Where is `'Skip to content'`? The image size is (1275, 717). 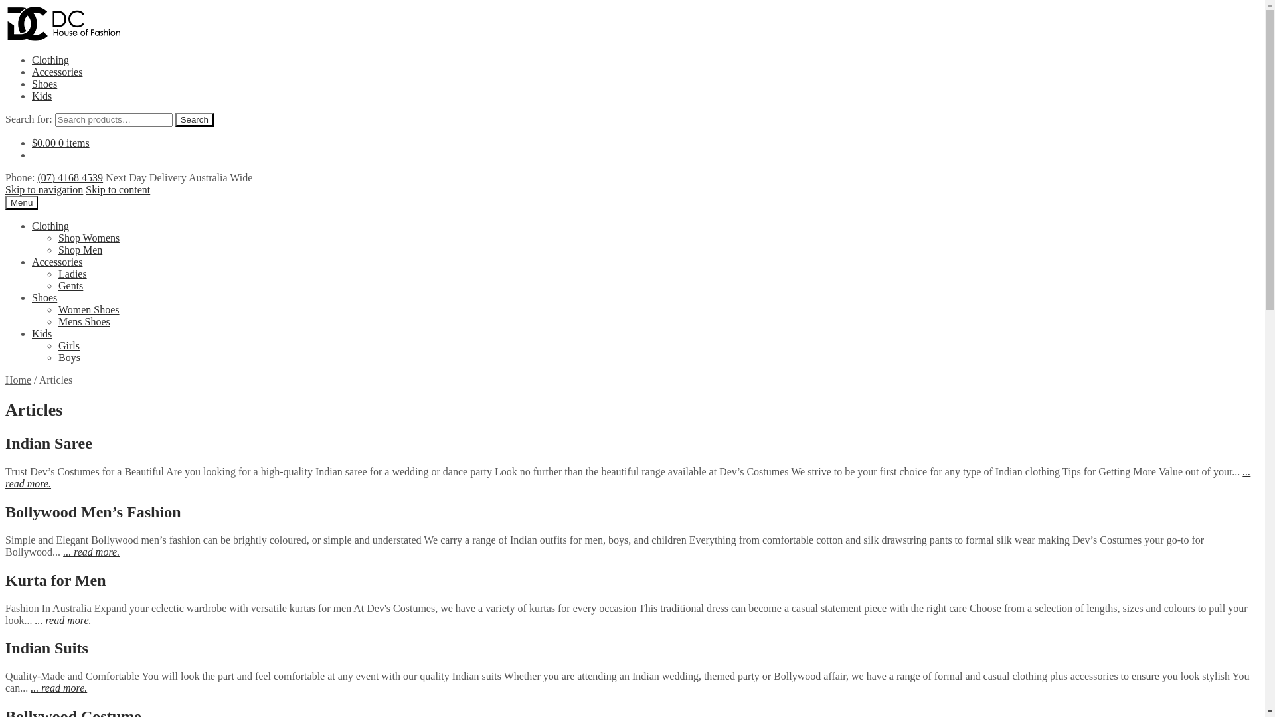 'Skip to content' is located at coordinates (85, 189).